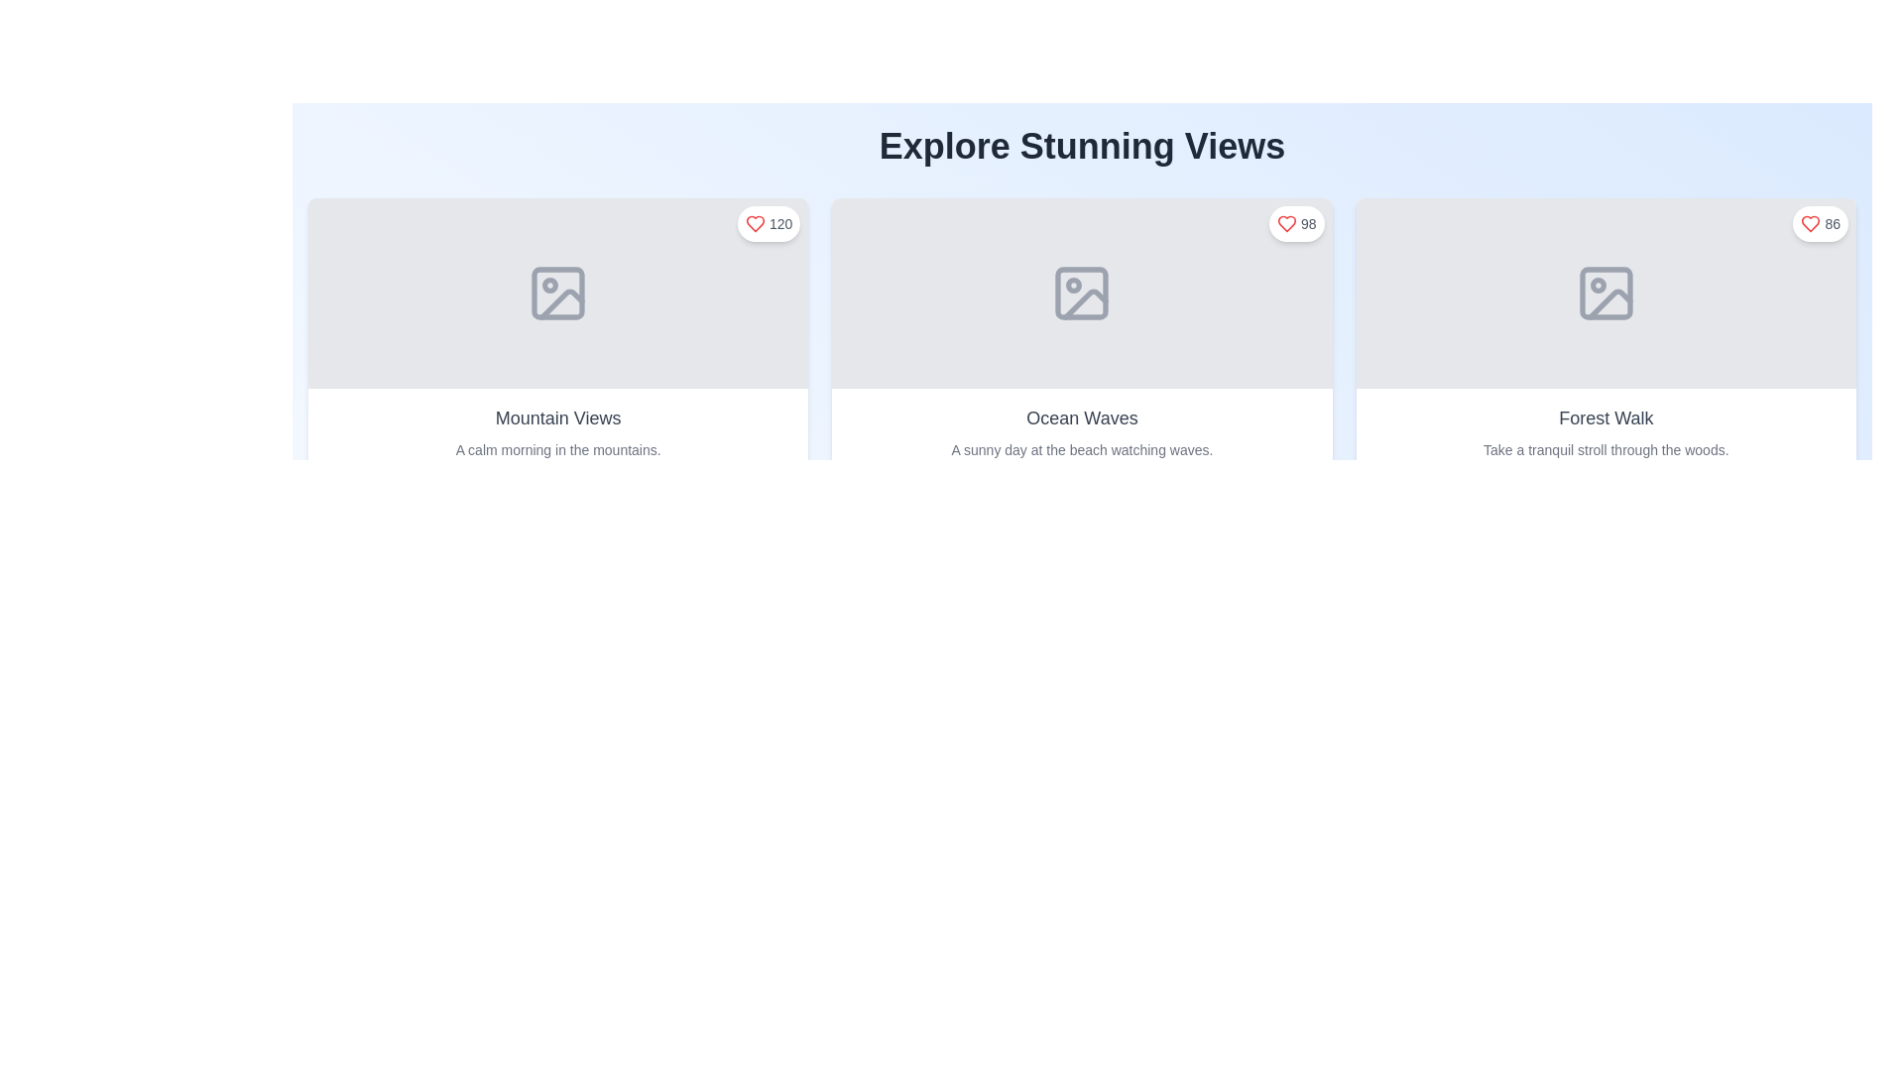 This screenshot has width=1904, height=1071. Describe the element at coordinates (755, 223) in the screenshot. I see `the heart-shaped icon button filled with red color located at the top-right corner of the first item card in the 'Explore Stunning Views' section, which indicates a 'like' or 'favorite' feature` at that location.